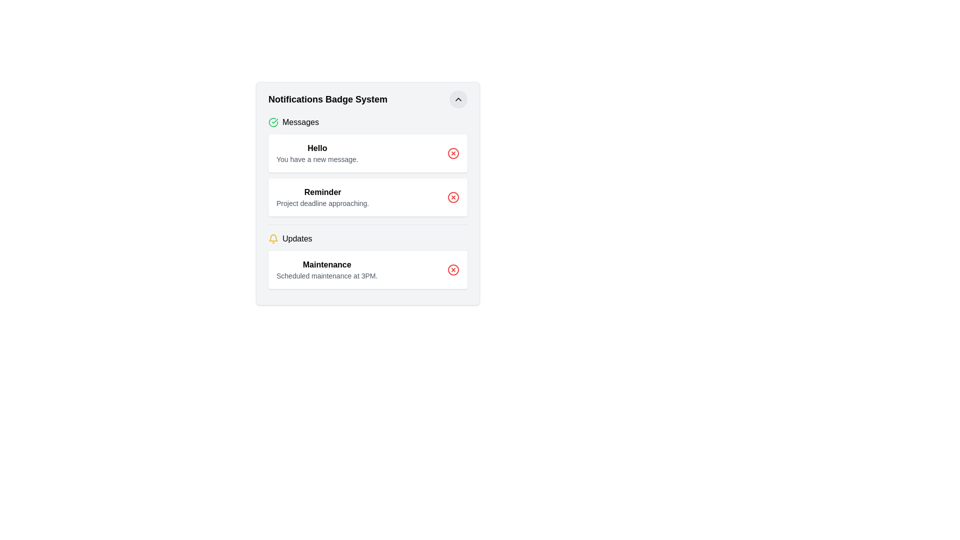 This screenshot has width=960, height=540. What do you see at coordinates (327, 270) in the screenshot?
I see `notification text displayed in the TextBlock titled 'Maintenance' with details about 'Scheduled maintenance at 3PM.'` at bounding box center [327, 270].